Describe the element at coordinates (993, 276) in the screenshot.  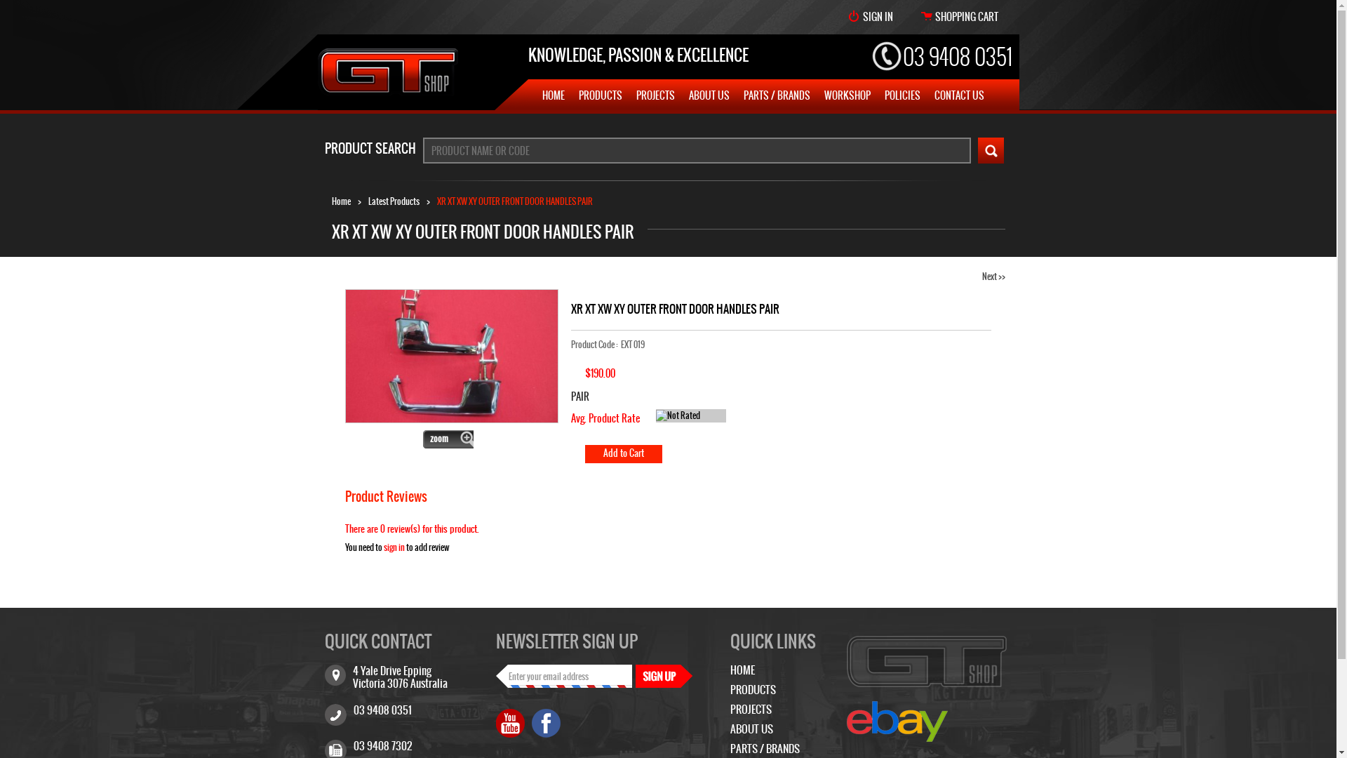
I see `'Next >>'` at that location.